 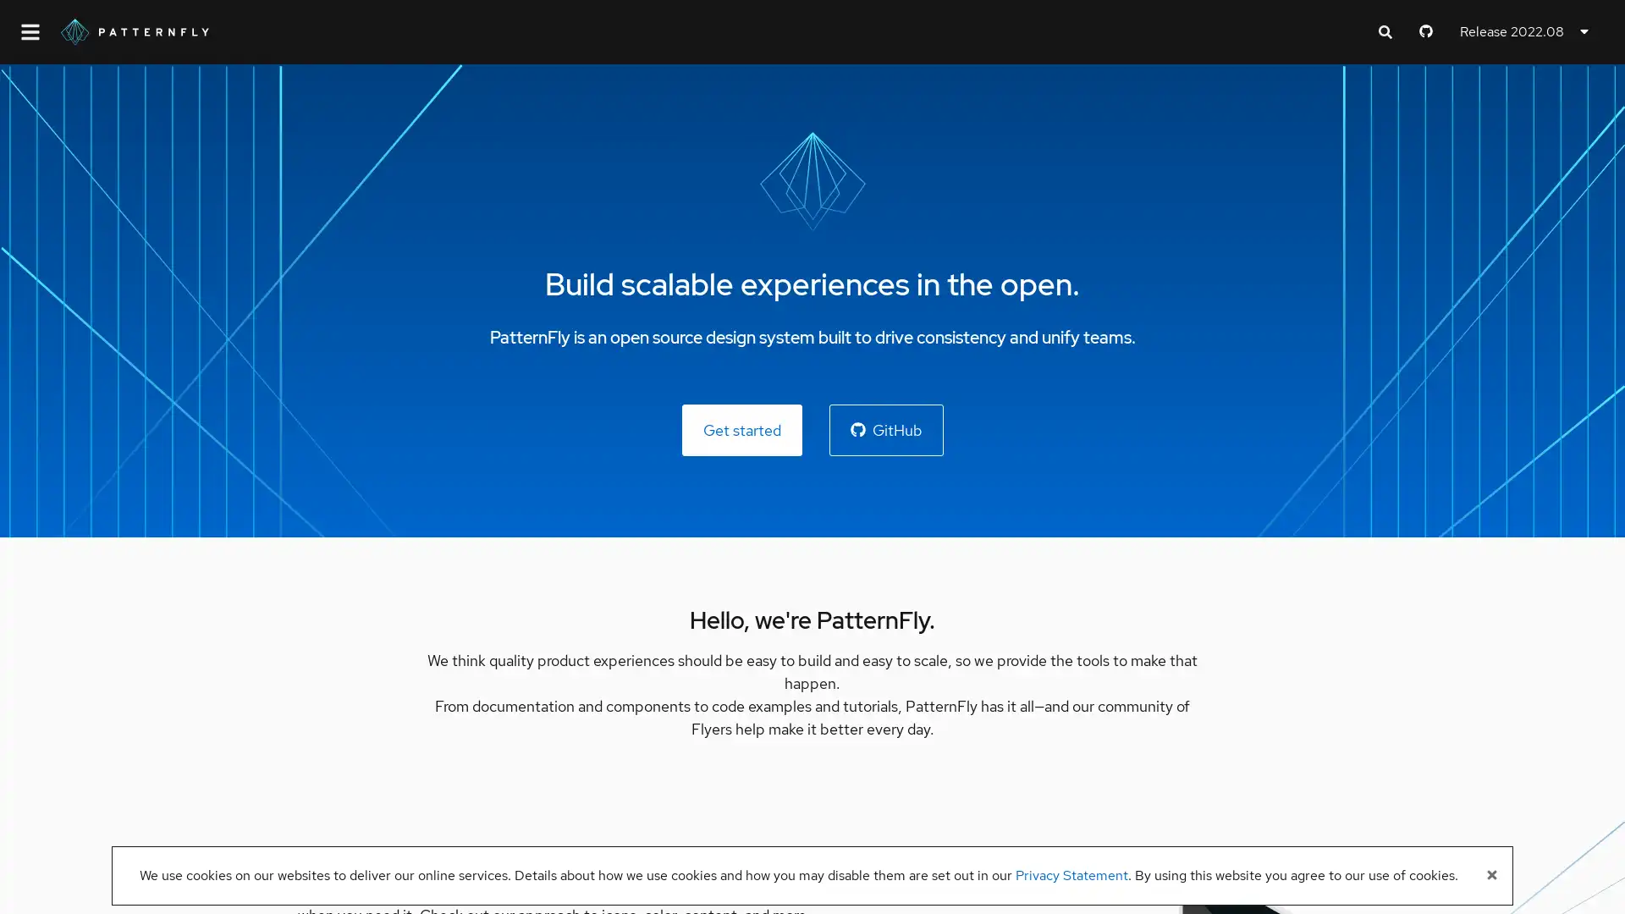 What do you see at coordinates (1385, 32) in the screenshot?
I see `Expand search input` at bounding box center [1385, 32].